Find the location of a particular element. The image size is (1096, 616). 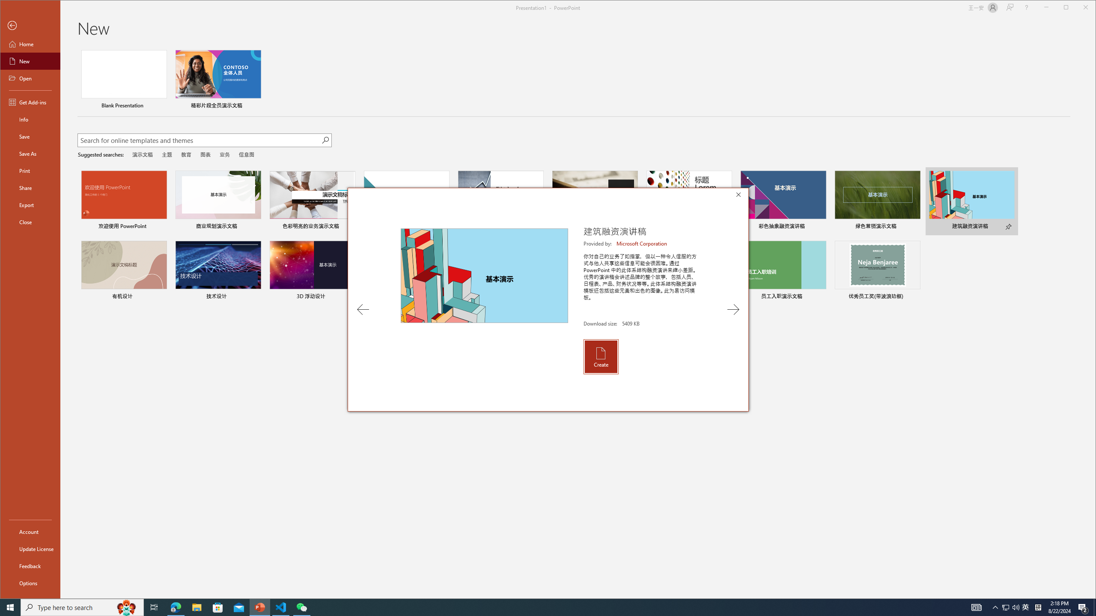

'Next Template' is located at coordinates (733, 309).